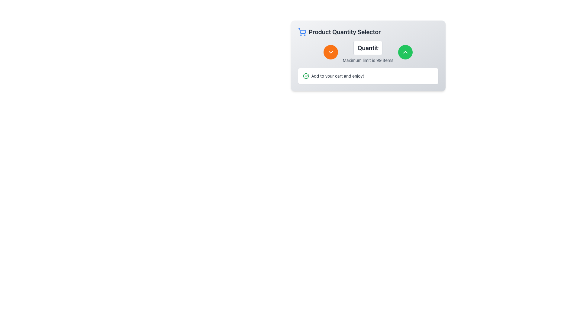 This screenshot has height=326, width=580. I want to click on the upward chevron icon located within the green circular button at the top-right area of the interface, so click(405, 52).